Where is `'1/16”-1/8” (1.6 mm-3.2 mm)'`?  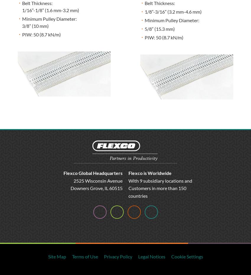 '1/16”-1/8” (1.6 mm-3.2 mm)' is located at coordinates (22, 10).